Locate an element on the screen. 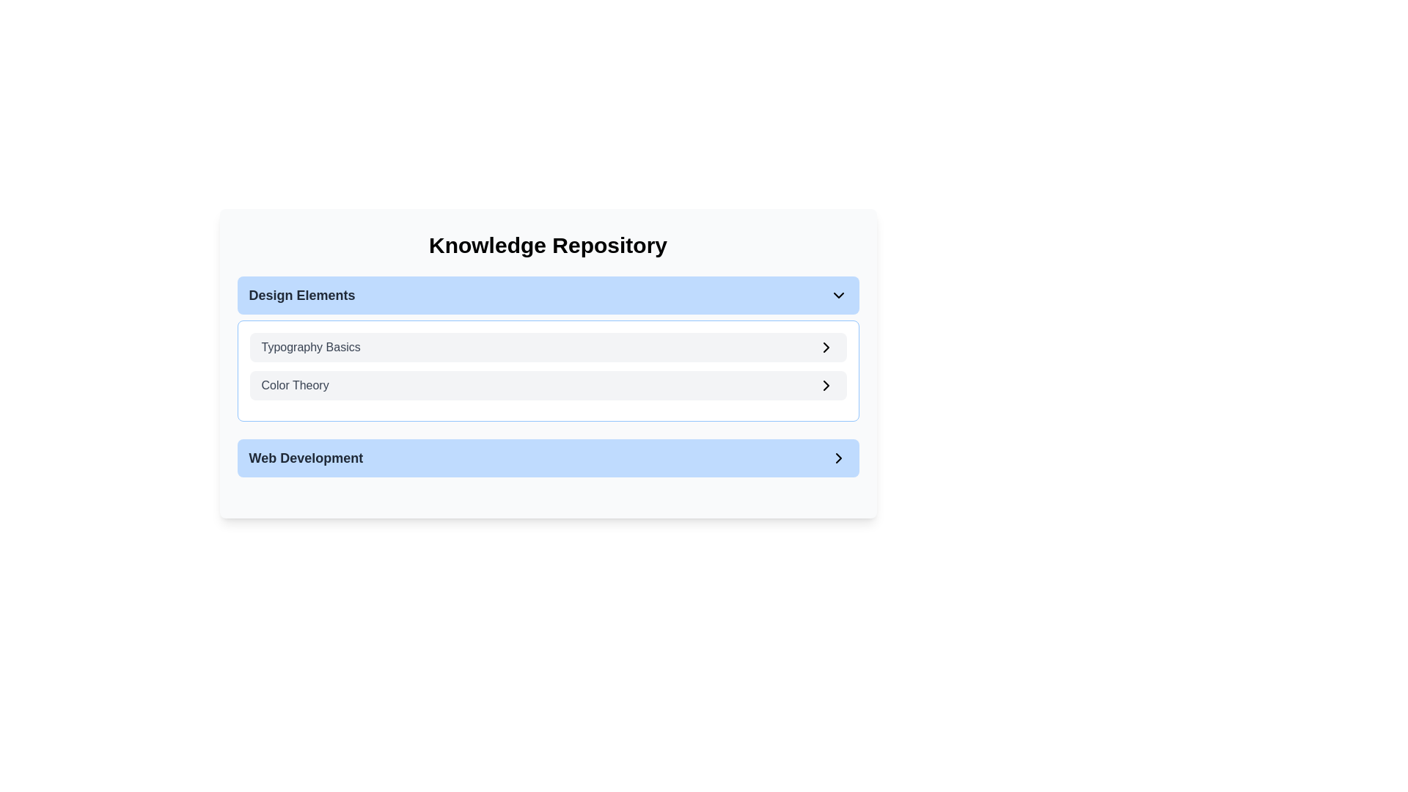  the right-chevron icon styled as an SVG graphic located at the far-right side of the 'Typography Basics' selectable item is located at coordinates (826, 348).